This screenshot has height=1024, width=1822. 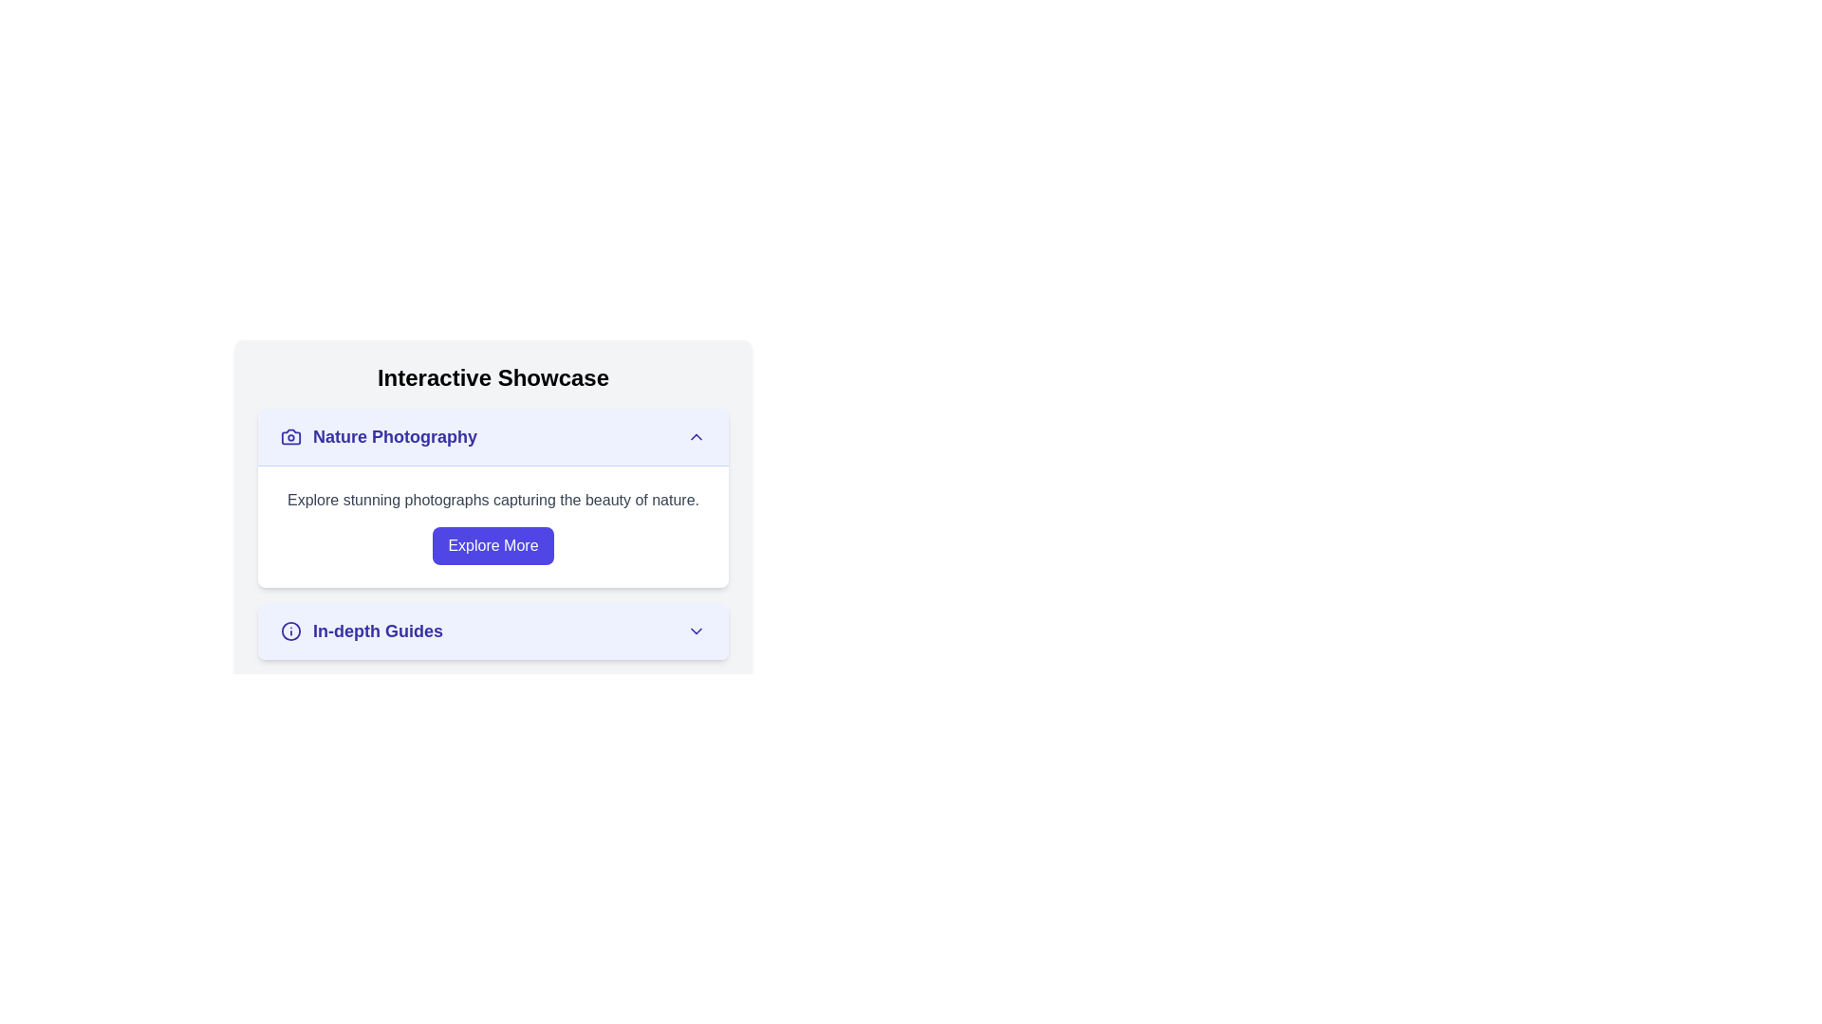 I want to click on the 'In-depth Guides' label with the accompanying circular icon, so click(x=362, y=631).